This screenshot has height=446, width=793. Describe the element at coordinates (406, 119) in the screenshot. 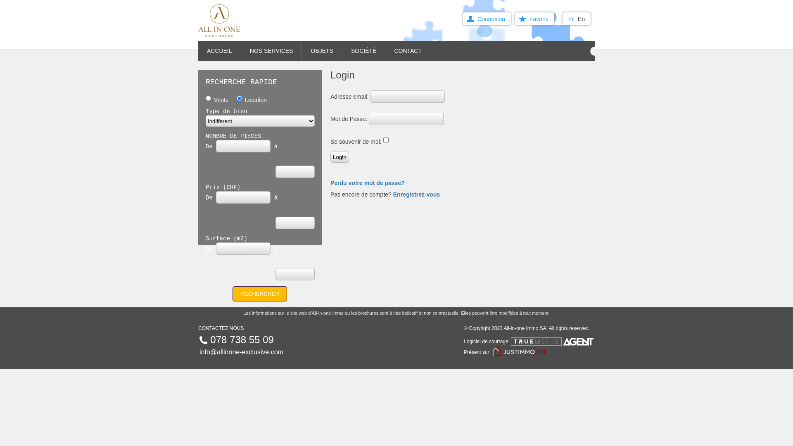

I see `'Mot de Passe'` at that location.